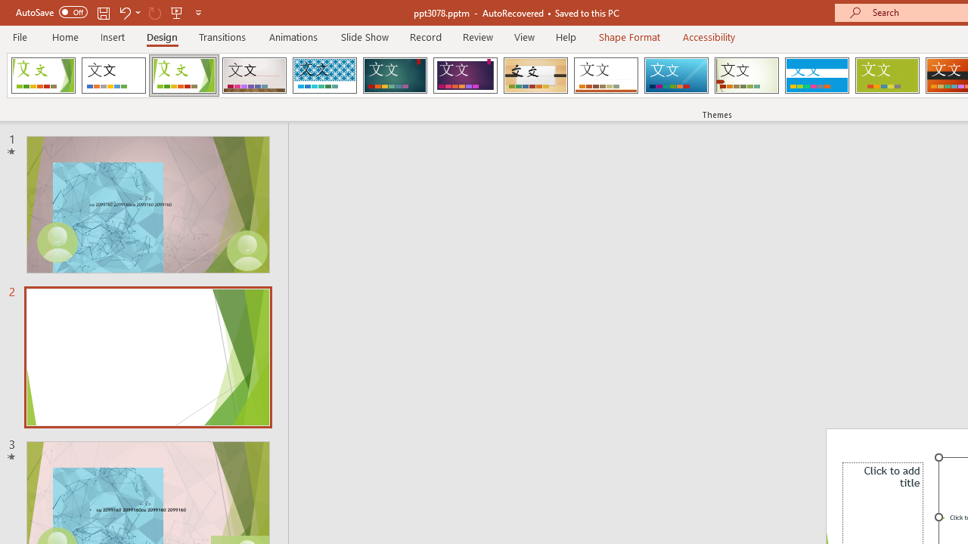 The image size is (968, 544). I want to click on 'Ion', so click(395, 76).